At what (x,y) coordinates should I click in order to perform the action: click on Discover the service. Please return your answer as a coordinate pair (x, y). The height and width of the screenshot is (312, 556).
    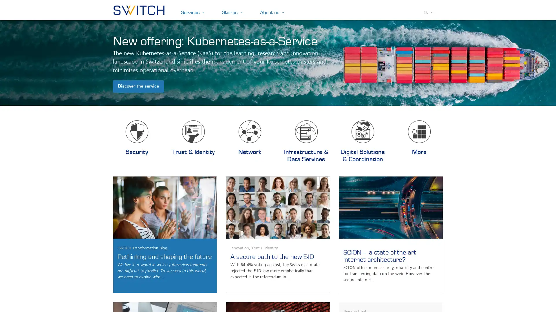
    Looking at the image, I should click on (138, 86).